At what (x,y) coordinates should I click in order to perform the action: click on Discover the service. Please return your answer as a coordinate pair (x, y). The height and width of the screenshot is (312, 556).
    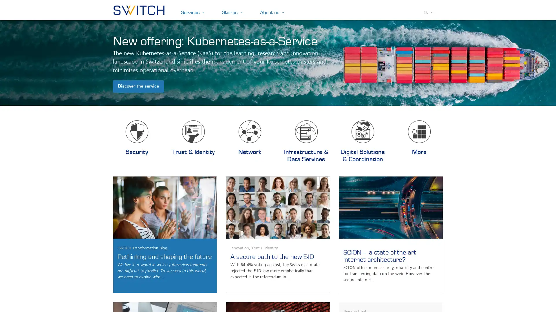
    Looking at the image, I should click on (138, 86).